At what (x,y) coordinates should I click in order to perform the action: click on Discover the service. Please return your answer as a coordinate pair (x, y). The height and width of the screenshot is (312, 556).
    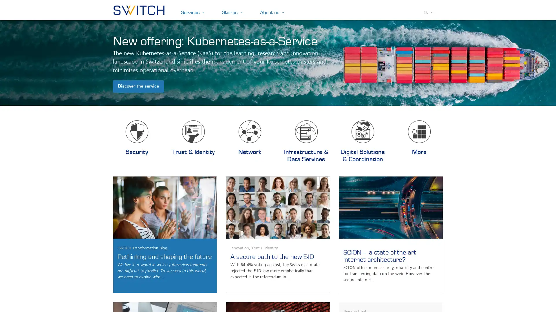
    Looking at the image, I should click on (138, 86).